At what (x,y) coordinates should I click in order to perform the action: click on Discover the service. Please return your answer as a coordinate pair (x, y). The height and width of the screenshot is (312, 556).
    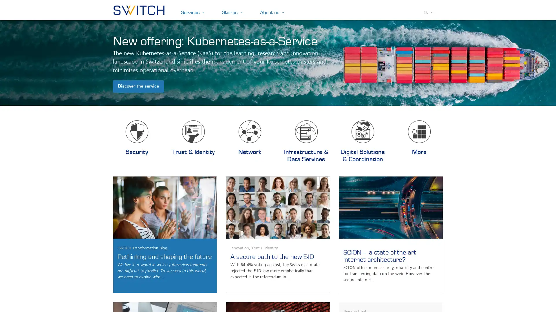
    Looking at the image, I should click on (138, 86).